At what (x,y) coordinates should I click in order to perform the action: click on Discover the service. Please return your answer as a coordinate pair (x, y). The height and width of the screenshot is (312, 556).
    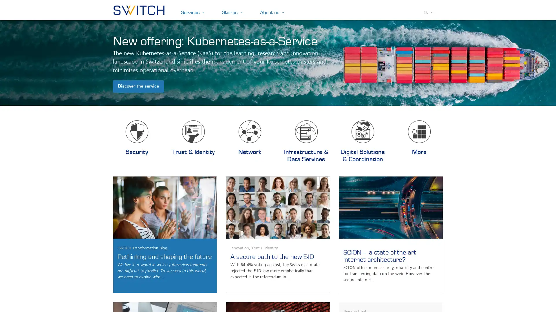
    Looking at the image, I should click on (138, 86).